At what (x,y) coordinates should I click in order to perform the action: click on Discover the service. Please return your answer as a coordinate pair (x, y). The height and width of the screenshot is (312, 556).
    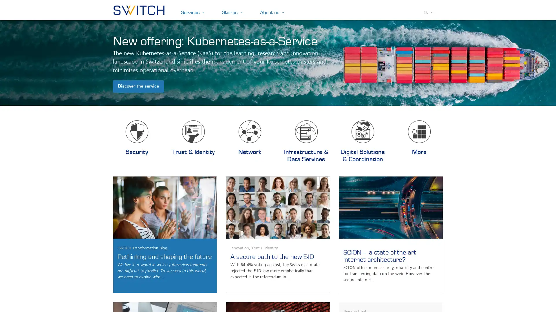
    Looking at the image, I should click on (138, 86).